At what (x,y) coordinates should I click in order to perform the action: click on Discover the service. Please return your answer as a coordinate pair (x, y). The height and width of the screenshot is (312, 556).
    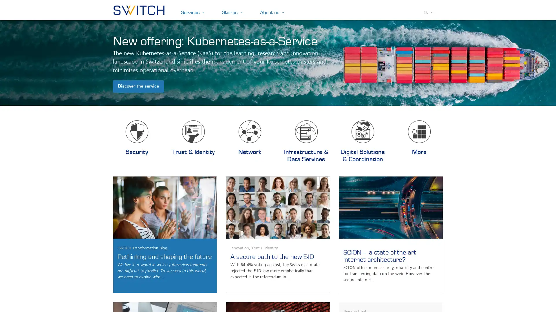
    Looking at the image, I should click on (138, 86).